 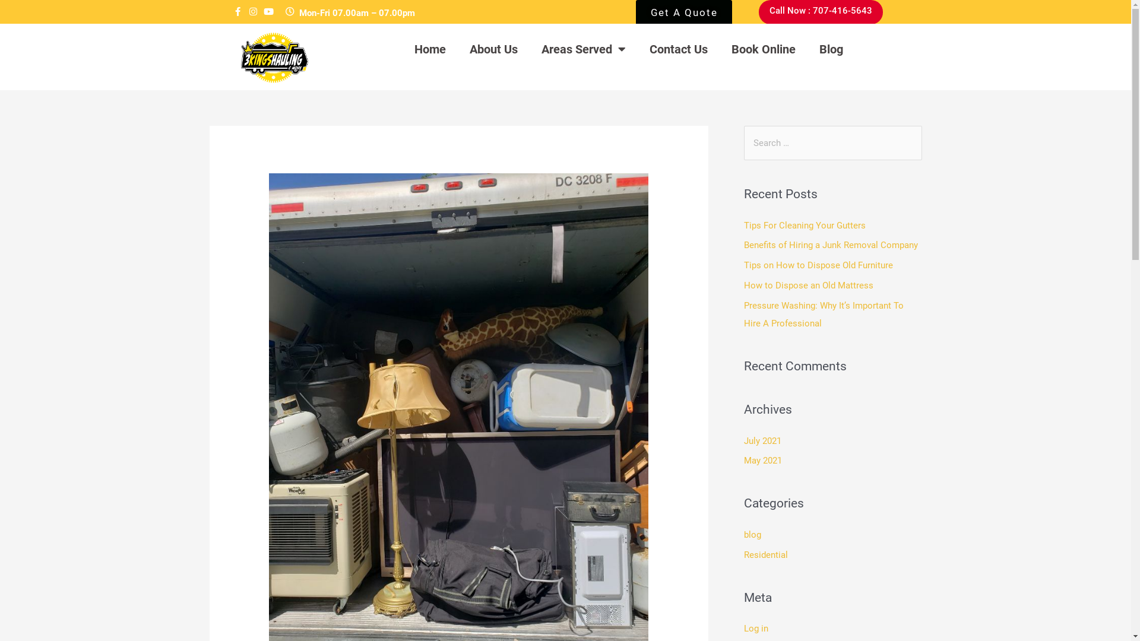 I want to click on 'July 2021', so click(x=743, y=441).